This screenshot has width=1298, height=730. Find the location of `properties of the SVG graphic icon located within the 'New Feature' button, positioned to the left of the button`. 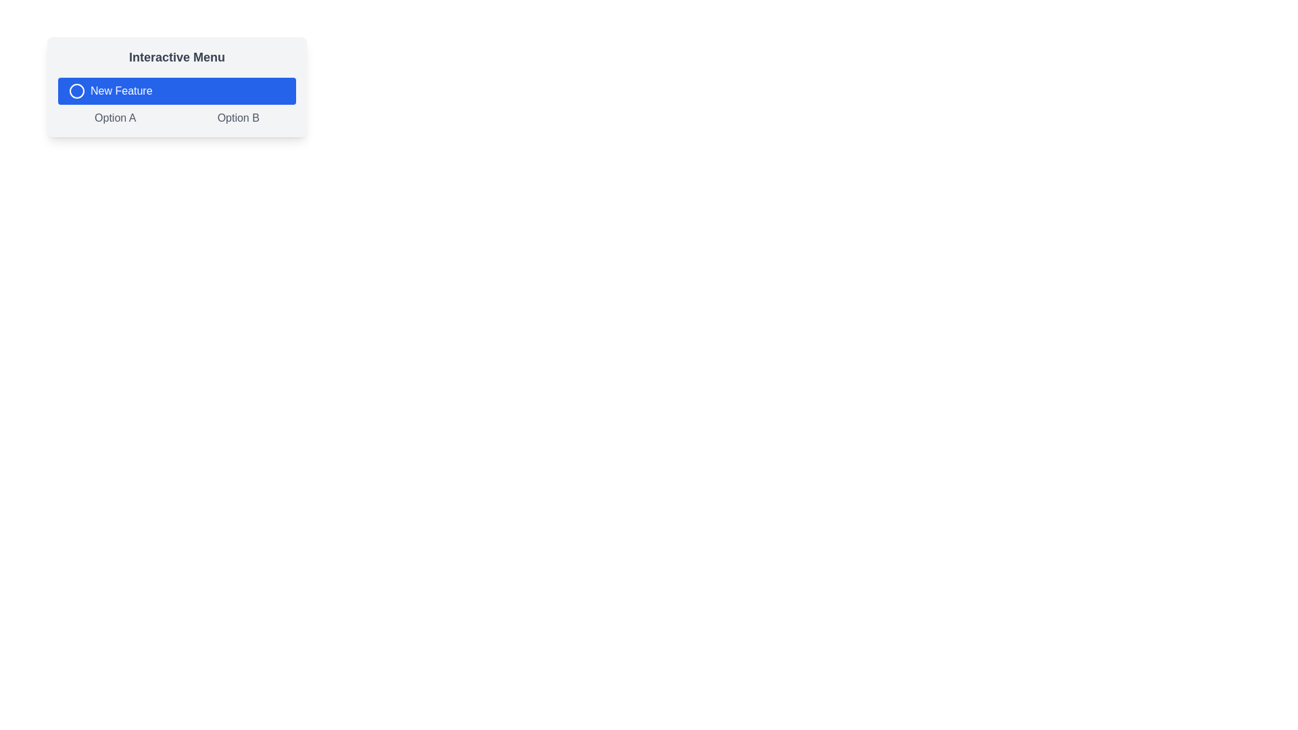

properties of the SVG graphic icon located within the 'New Feature' button, positioned to the left of the button is located at coordinates (76, 91).